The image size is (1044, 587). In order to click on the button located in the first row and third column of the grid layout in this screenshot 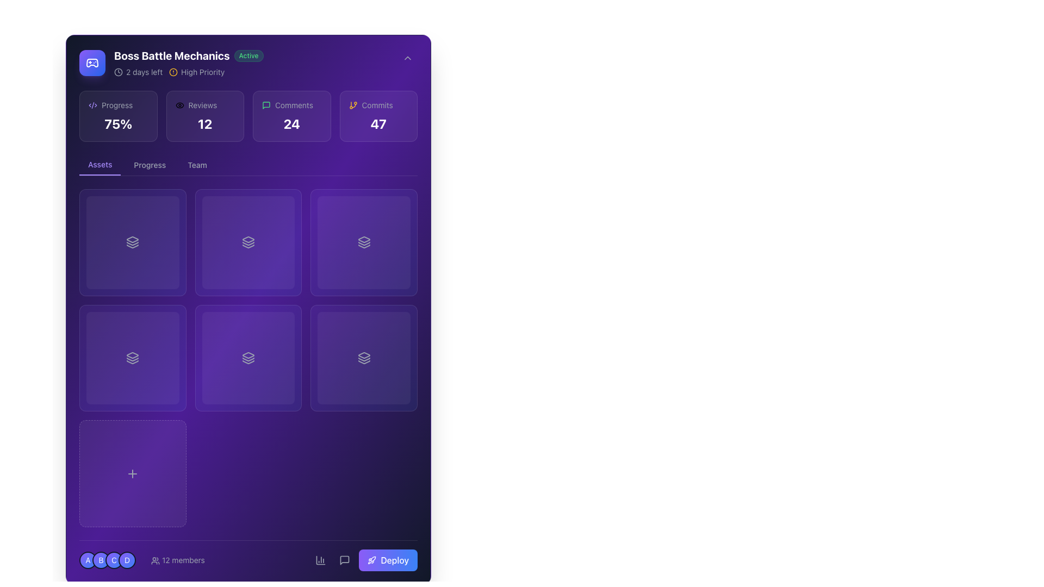, I will do `click(364, 242)`.